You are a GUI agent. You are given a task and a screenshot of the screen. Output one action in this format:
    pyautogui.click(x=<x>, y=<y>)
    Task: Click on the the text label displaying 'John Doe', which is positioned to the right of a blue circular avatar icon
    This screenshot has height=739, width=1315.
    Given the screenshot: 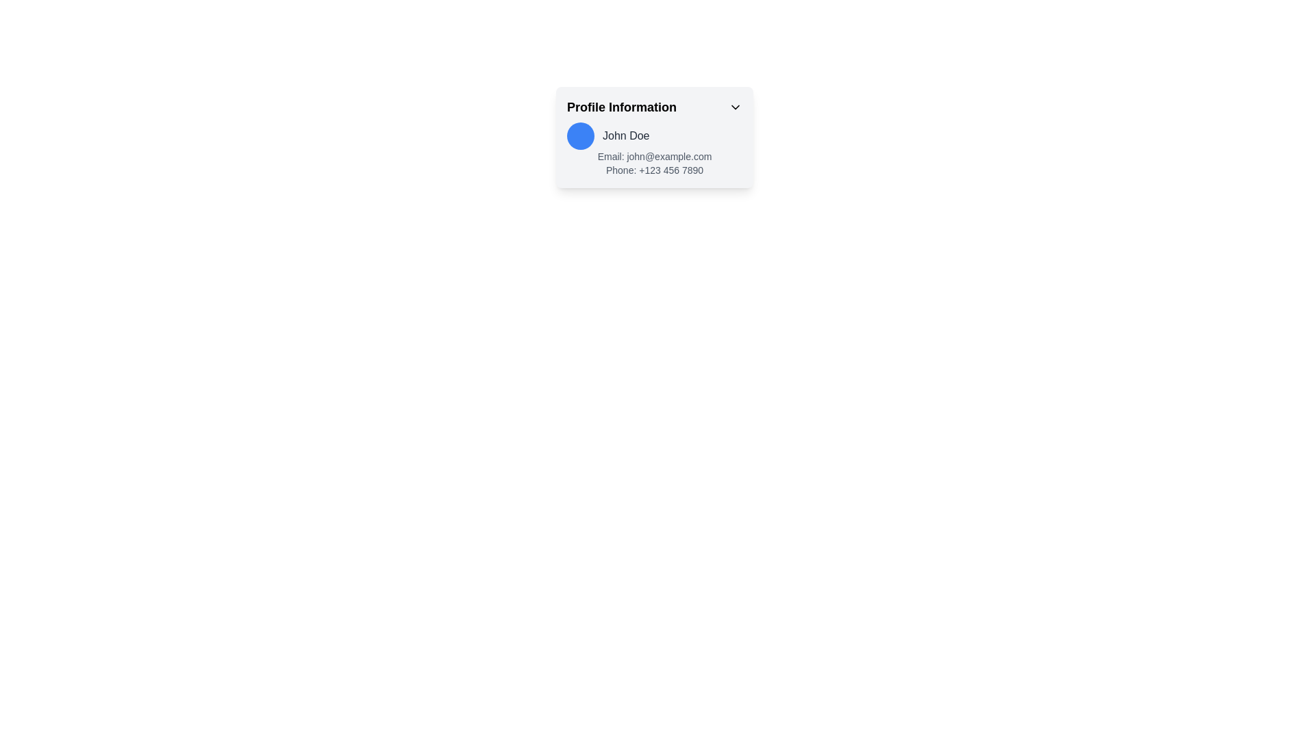 What is the action you would take?
    pyautogui.click(x=625, y=136)
    